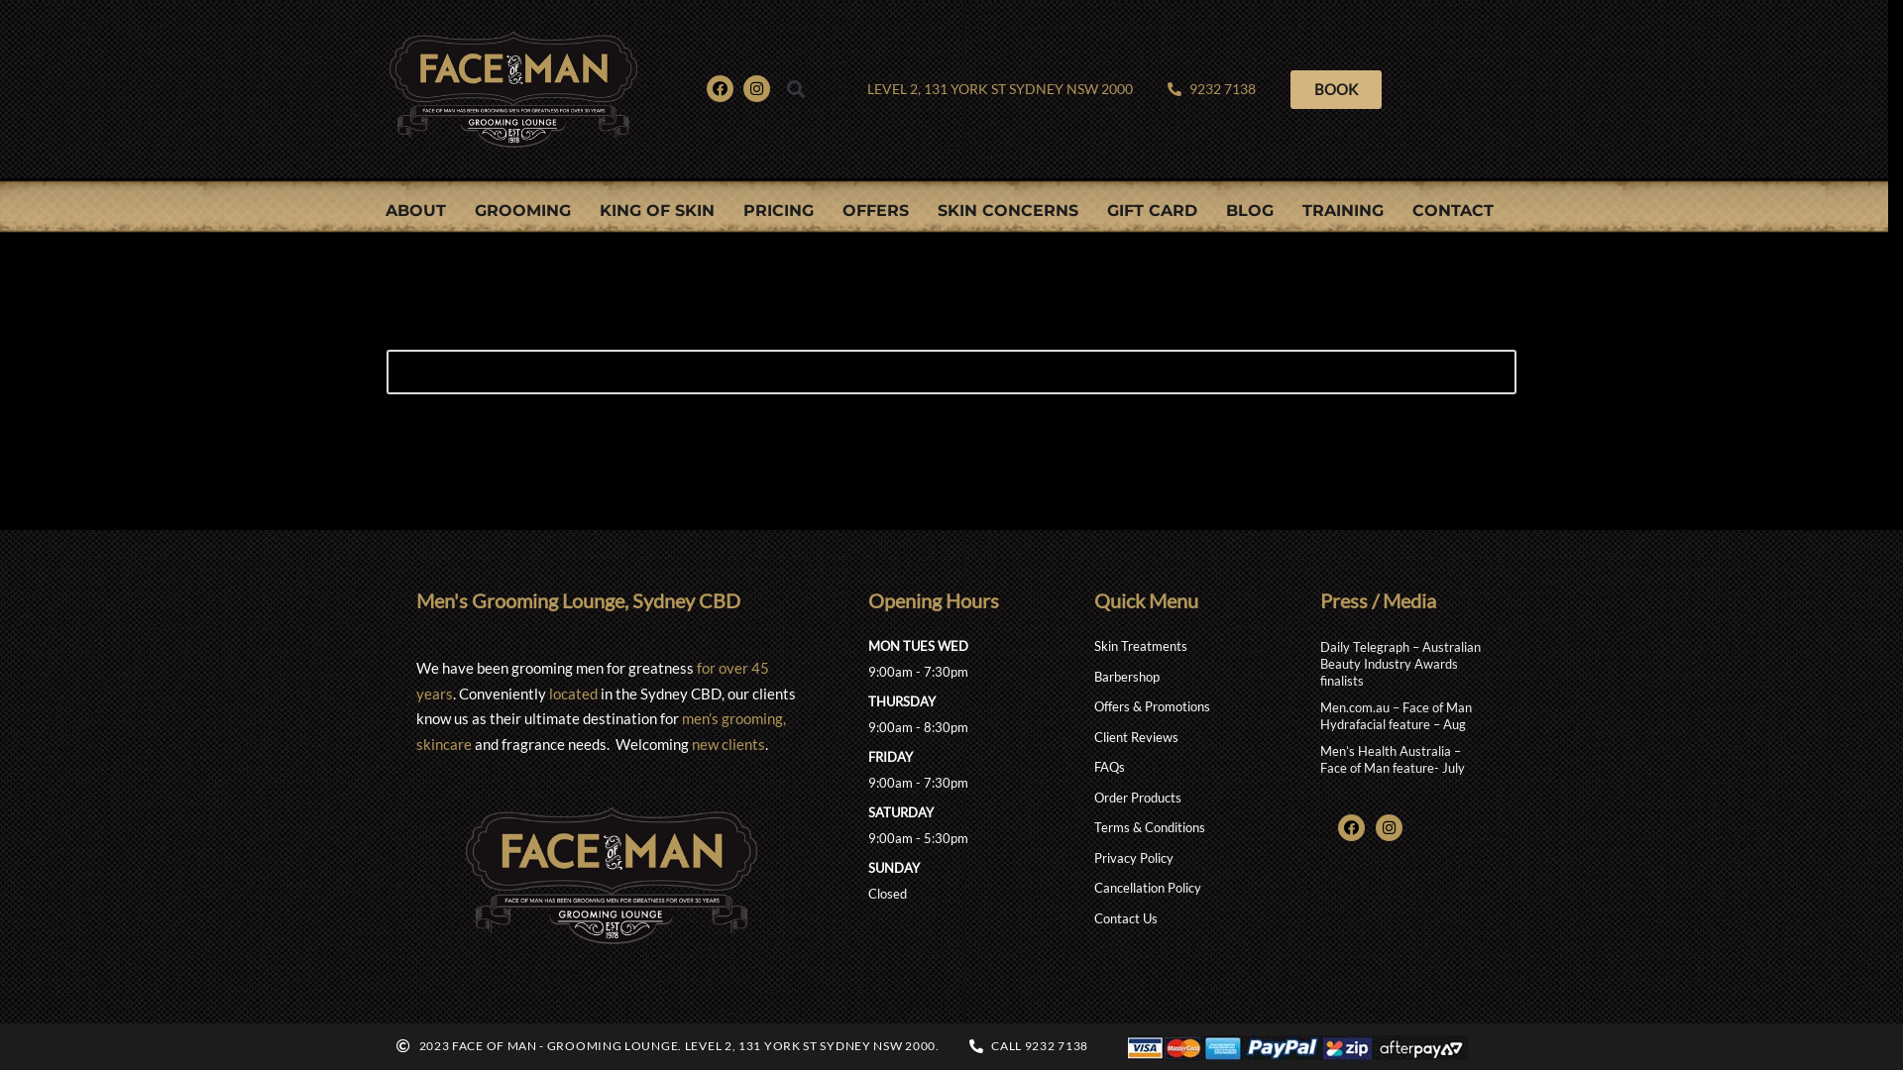 The height and width of the screenshot is (1070, 1903). What do you see at coordinates (874, 210) in the screenshot?
I see `'OFFERS'` at bounding box center [874, 210].